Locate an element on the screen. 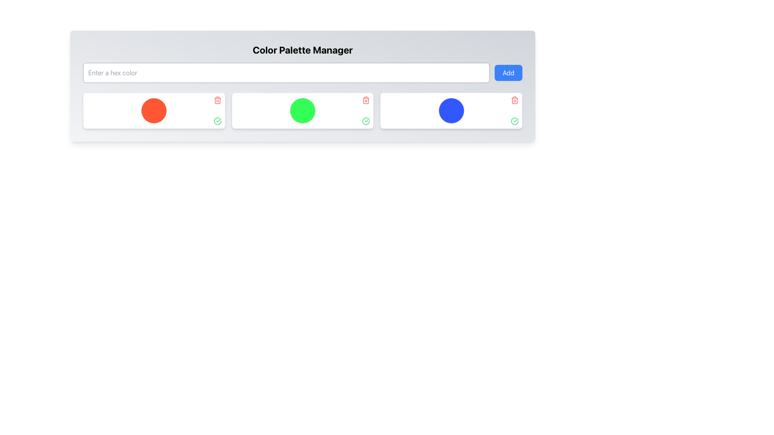 Image resolution: width=774 pixels, height=435 pixels. the confirmation indicator icon located at the bottom-right corner of the second rectangular box in a horizontal row of three boxes to confirm or validate the content is located at coordinates (514, 121).